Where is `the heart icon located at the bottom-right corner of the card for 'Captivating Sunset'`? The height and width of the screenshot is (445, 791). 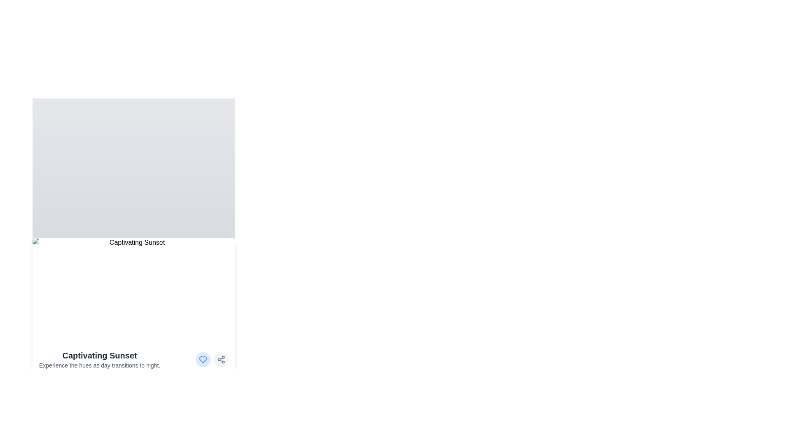
the heart icon located at the bottom-right corner of the card for 'Captivating Sunset' is located at coordinates (203, 359).